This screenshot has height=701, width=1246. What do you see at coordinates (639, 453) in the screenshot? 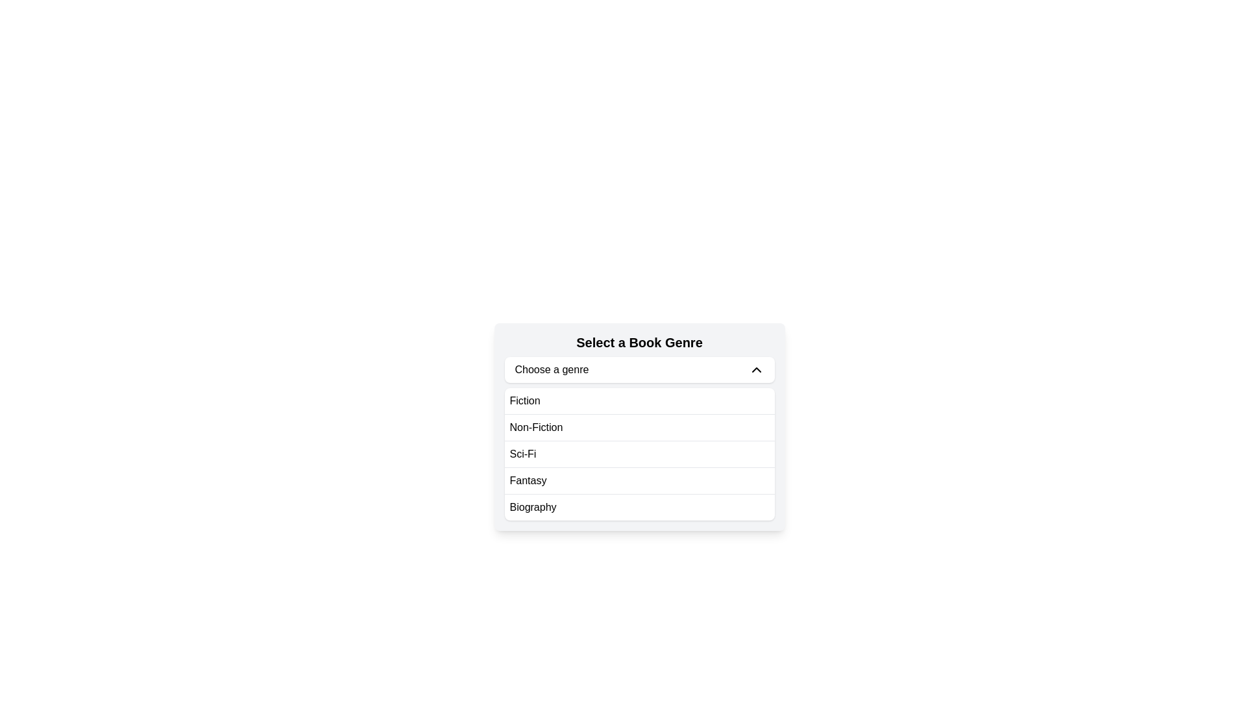
I see `to select the 'Sci-Fi' option from the dropdown menu, which is the third item in the list of options including 'Fiction', 'Non-Fiction', 'Sci-Fi', 'Fantasy', and 'Biography'` at bounding box center [639, 453].